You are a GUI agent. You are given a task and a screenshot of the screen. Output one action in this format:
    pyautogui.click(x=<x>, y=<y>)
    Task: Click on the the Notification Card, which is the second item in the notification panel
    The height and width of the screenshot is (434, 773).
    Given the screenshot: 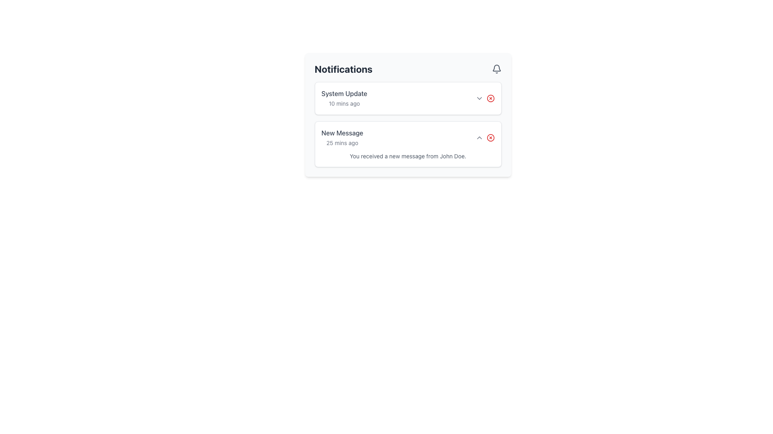 What is the action you would take?
    pyautogui.click(x=408, y=124)
    